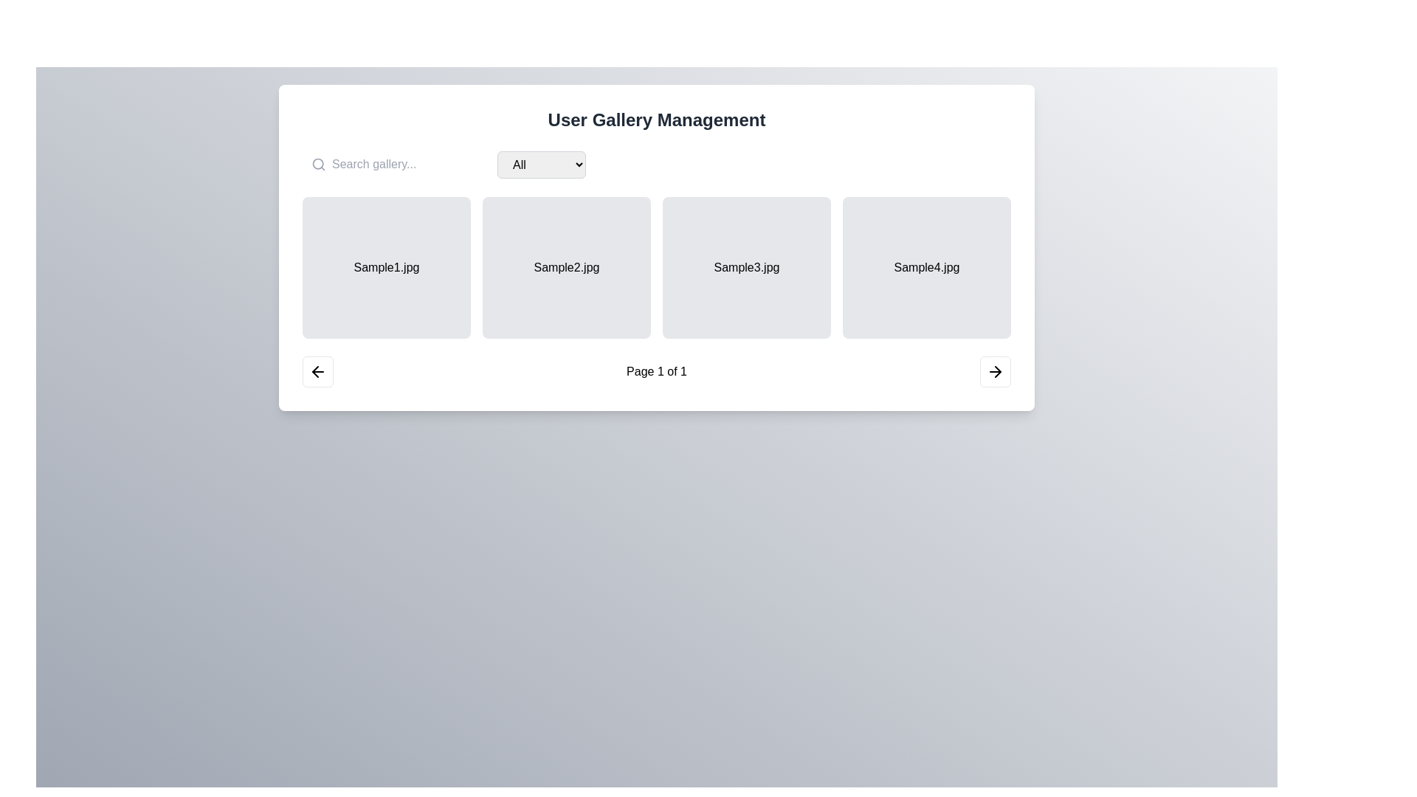  I want to click on the static text label displaying 'Page 1 of 1' located at the bottom center of the interface, between navigation buttons, so click(655, 371).